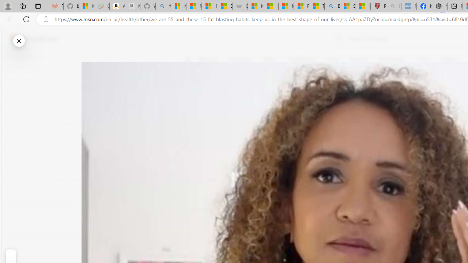 Image resolution: width=468 pixels, height=263 pixels. I want to click on 'News', so click(269, 59).